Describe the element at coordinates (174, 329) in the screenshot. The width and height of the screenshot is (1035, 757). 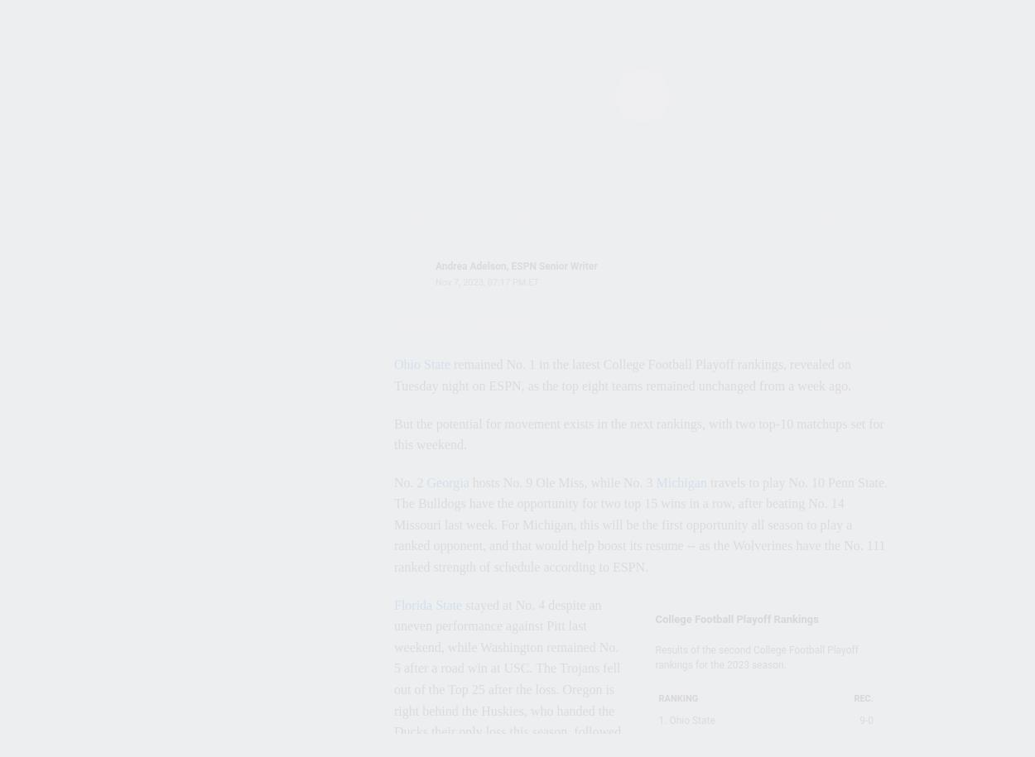
I see `'Georgia Bulldogs'` at that location.